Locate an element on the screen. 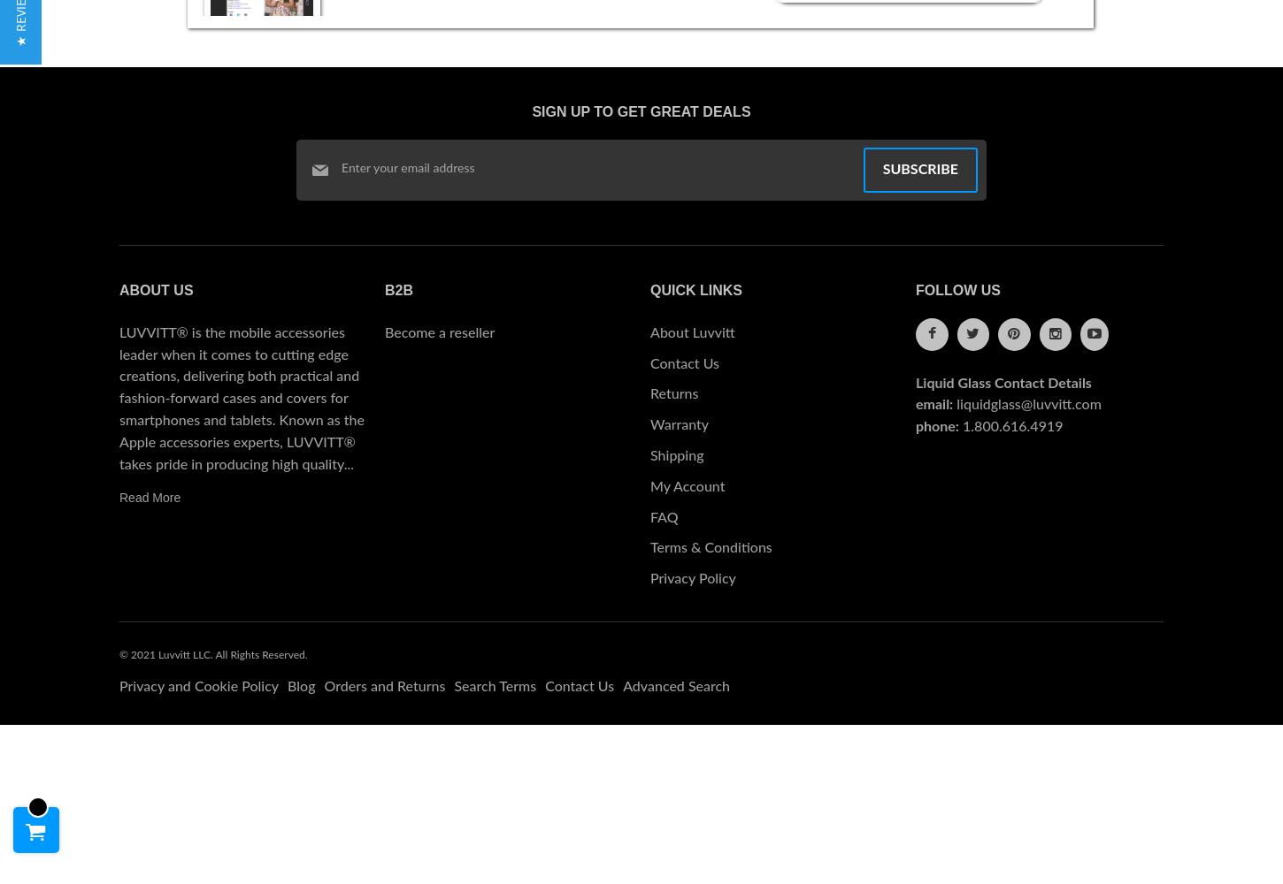  '1.800.616.4919' is located at coordinates (1011, 426).